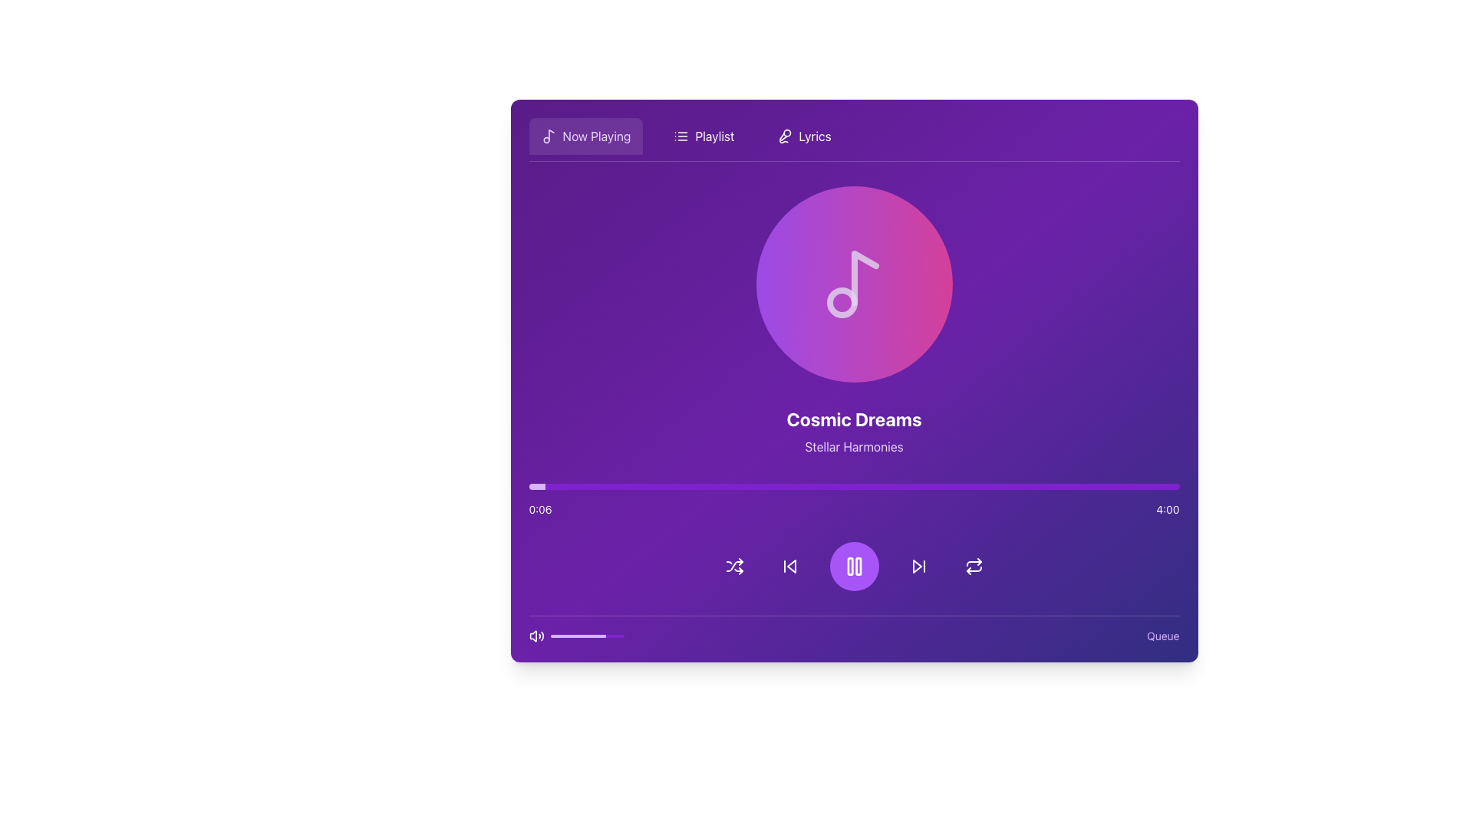 The image size is (1473, 828). What do you see at coordinates (973, 567) in the screenshot?
I see `the 'repeat' button located at the far right of the control bar in the media player interface` at bounding box center [973, 567].